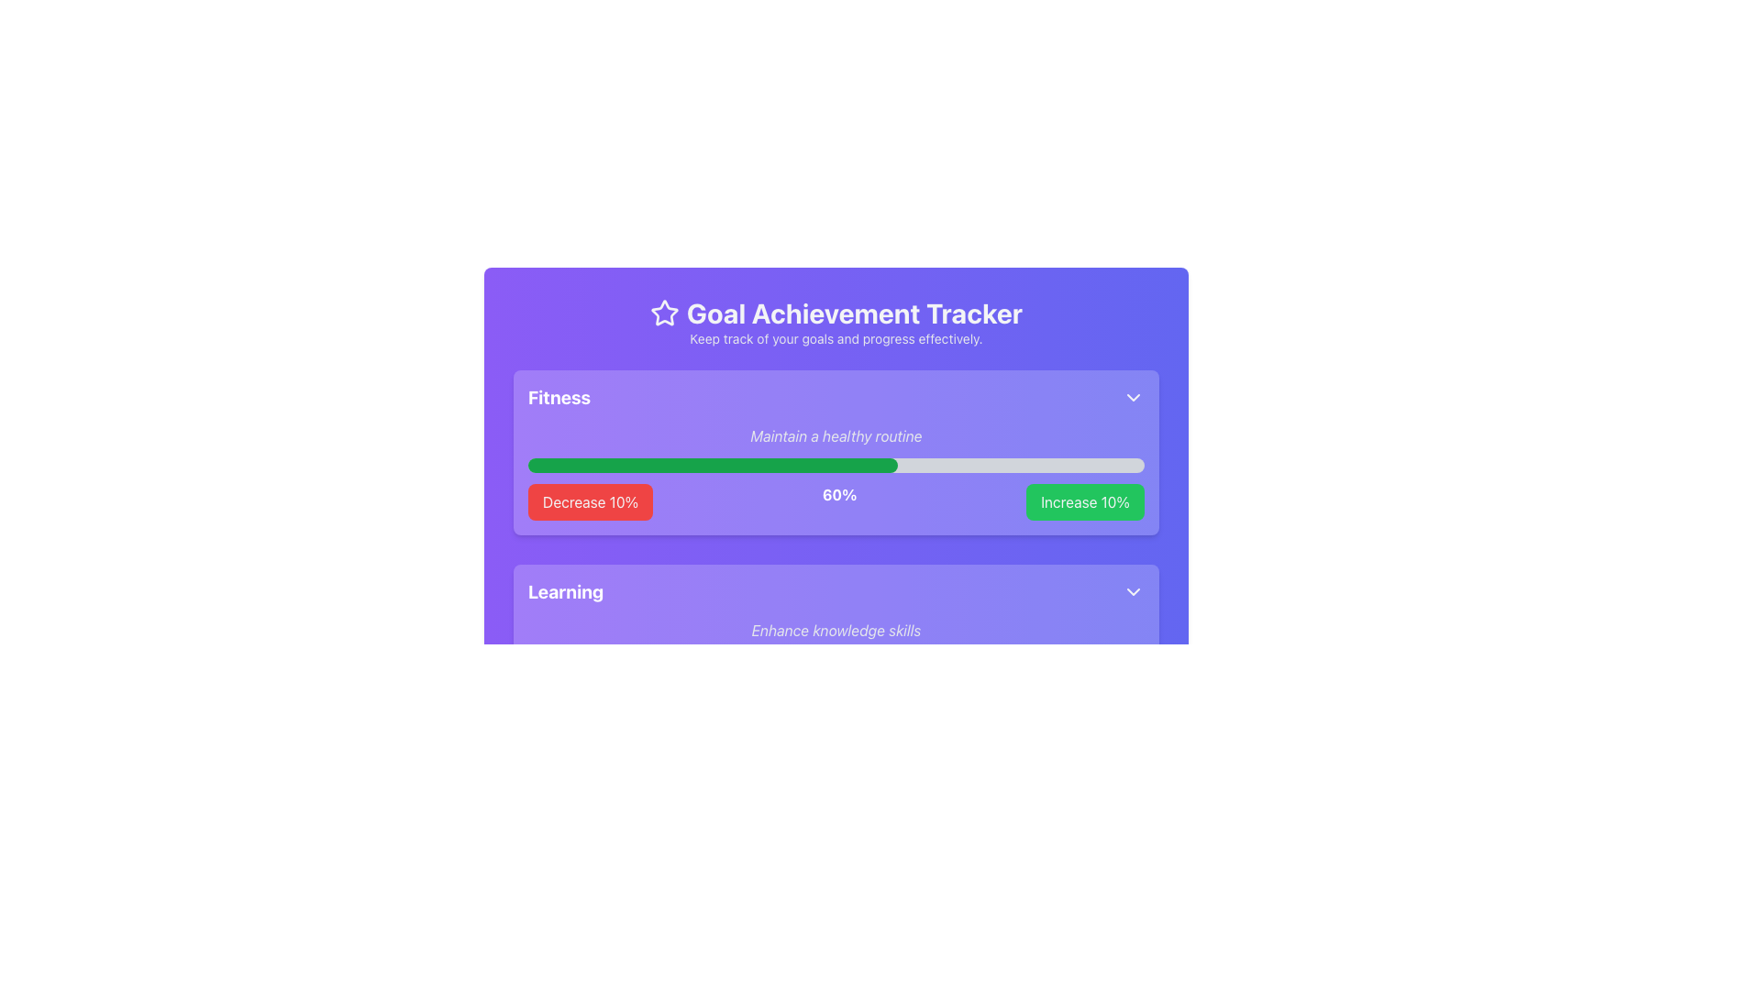  What do you see at coordinates (663, 313) in the screenshot?
I see `the star icon with a hollow outline located to the left of the 'Goal Achievement Tracker' text to interact with it` at bounding box center [663, 313].